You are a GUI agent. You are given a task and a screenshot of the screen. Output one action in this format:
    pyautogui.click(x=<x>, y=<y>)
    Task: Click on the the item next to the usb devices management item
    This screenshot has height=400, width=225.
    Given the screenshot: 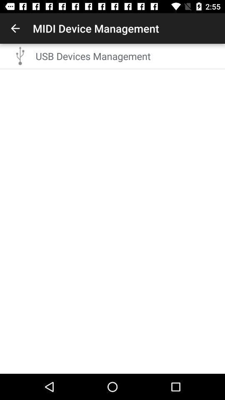 What is the action you would take?
    pyautogui.click(x=20, y=55)
    